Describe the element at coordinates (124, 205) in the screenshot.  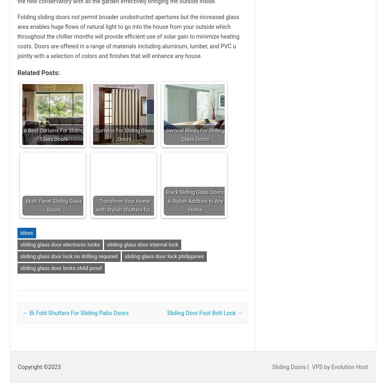
I see `'Transform Your Home with Stylish Shutters for…'` at that location.